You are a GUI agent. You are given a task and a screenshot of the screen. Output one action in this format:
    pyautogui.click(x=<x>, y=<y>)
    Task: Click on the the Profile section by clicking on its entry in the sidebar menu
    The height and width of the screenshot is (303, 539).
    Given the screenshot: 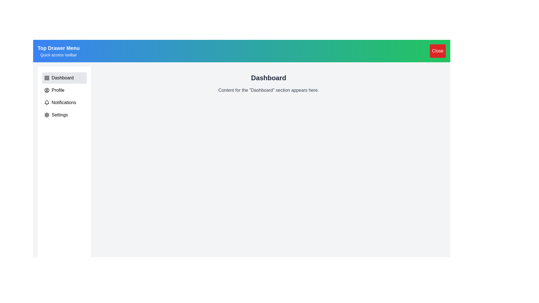 What is the action you would take?
    pyautogui.click(x=64, y=90)
    